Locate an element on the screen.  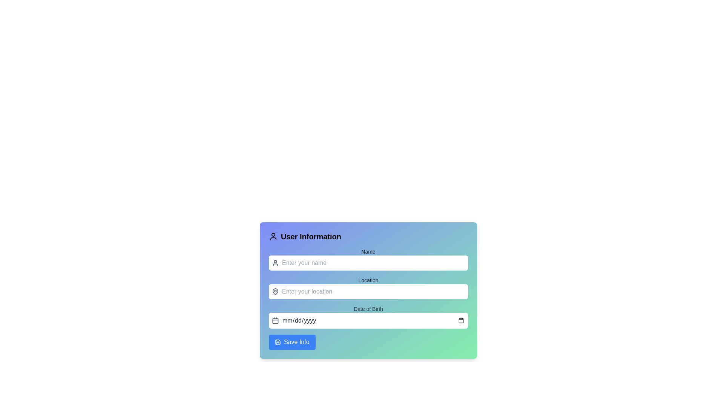
the 'Location' label, which is a small-sized, bold, dark gray text on a light background, positioned directly above the location input field is located at coordinates (368, 280).